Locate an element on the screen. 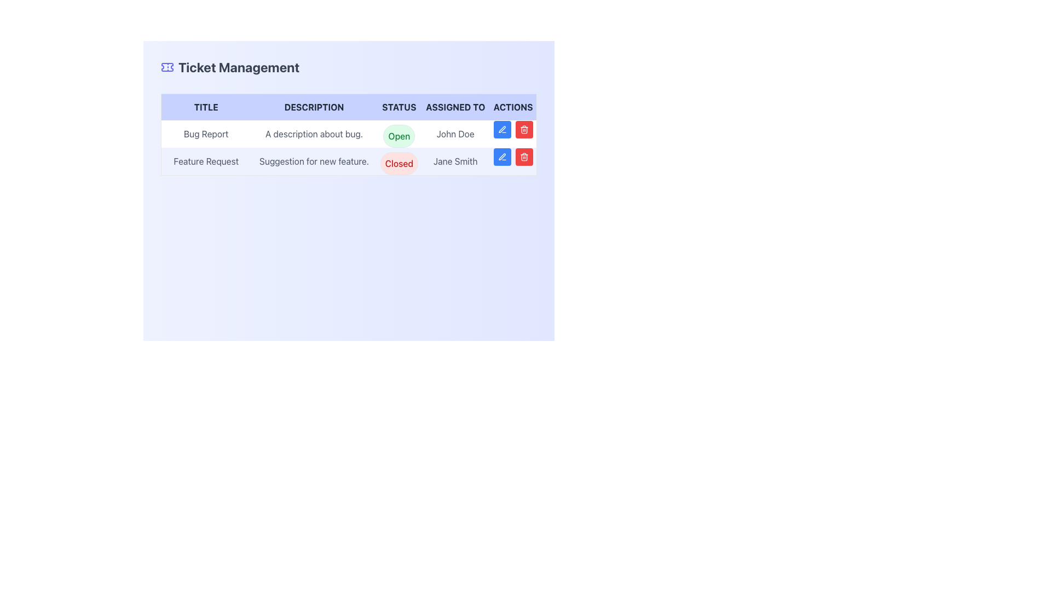 The width and height of the screenshot is (1051, 591). the edit icon button located in the second row of the 'Actions' column of the table is located at coordinates (501, 129).